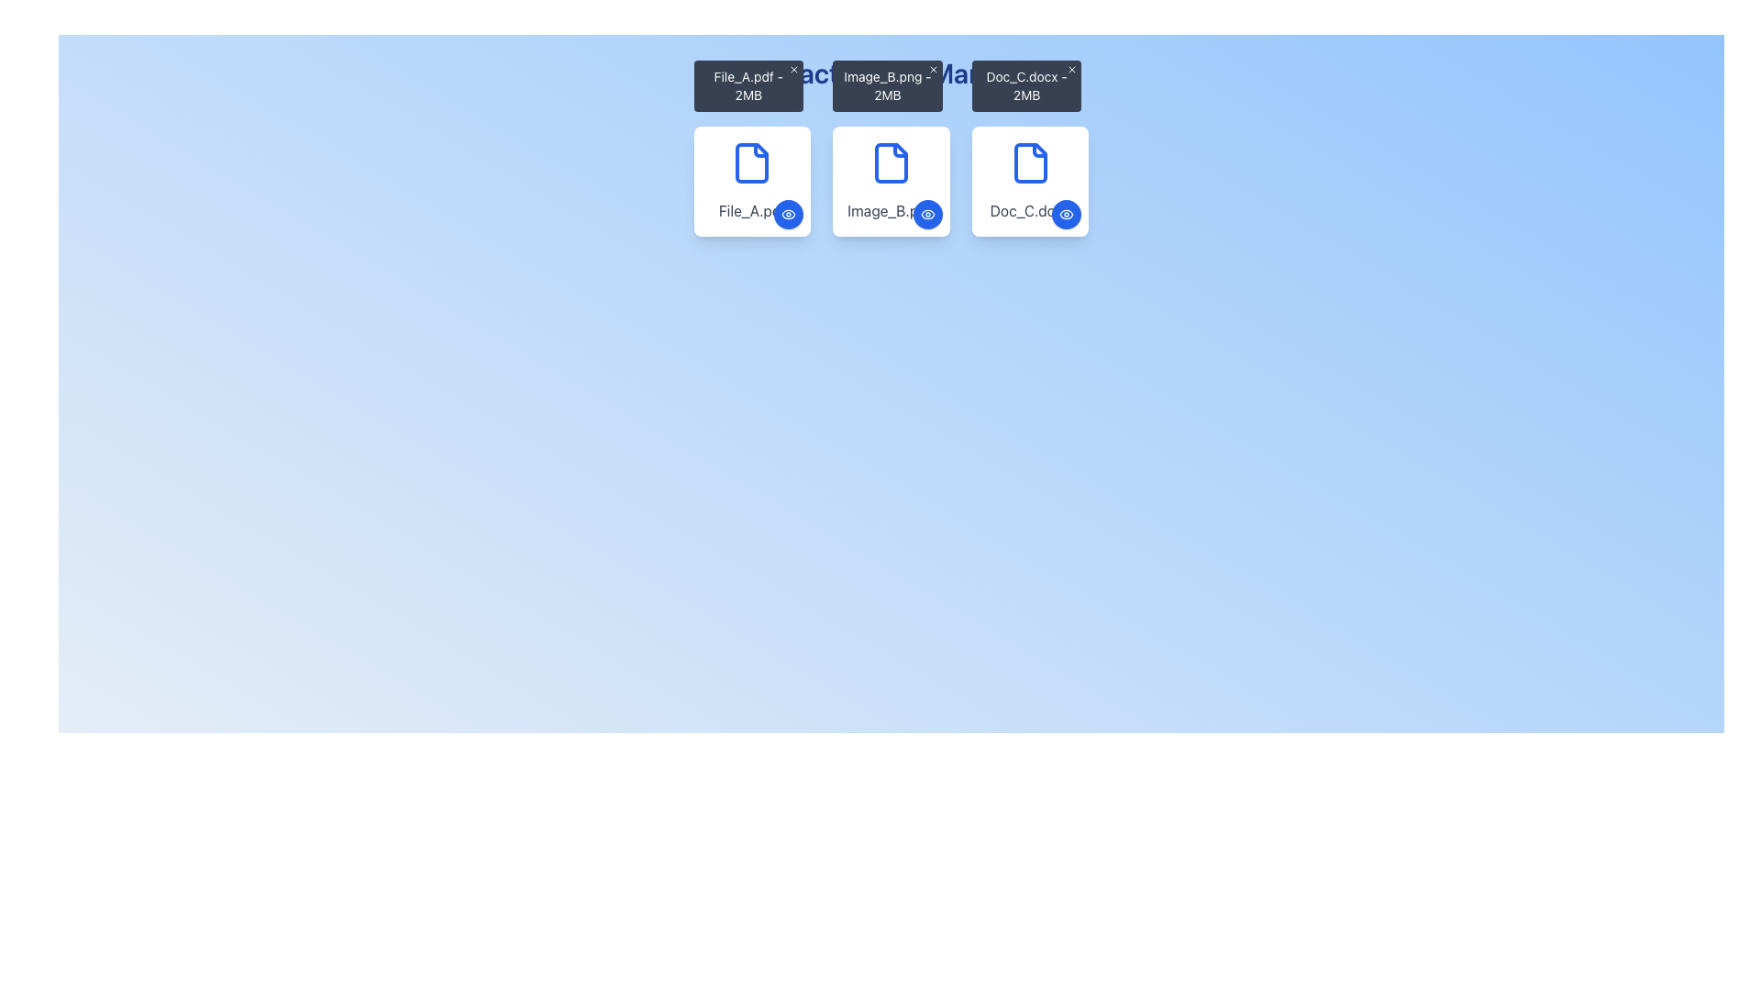 The height and width of the screenshot is (991, 1761). Describe the element at coordinates (927, 214) in the screenshot. I see `the preview button located at the bottom-right corner of the card labeled 'Image_B.png - 2MB'` at that location.